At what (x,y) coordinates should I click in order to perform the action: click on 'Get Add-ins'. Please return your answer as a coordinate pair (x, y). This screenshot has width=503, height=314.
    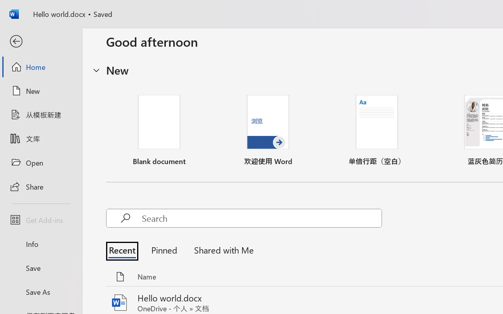
    Looking at the image, I should click on (40, 220).